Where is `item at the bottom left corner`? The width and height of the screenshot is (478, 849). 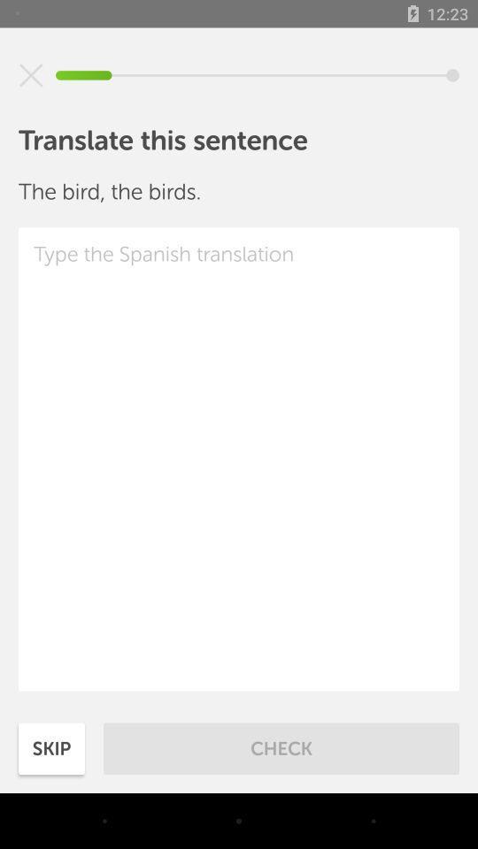 item at the bottom left corner is located at coordinates (51, 747).